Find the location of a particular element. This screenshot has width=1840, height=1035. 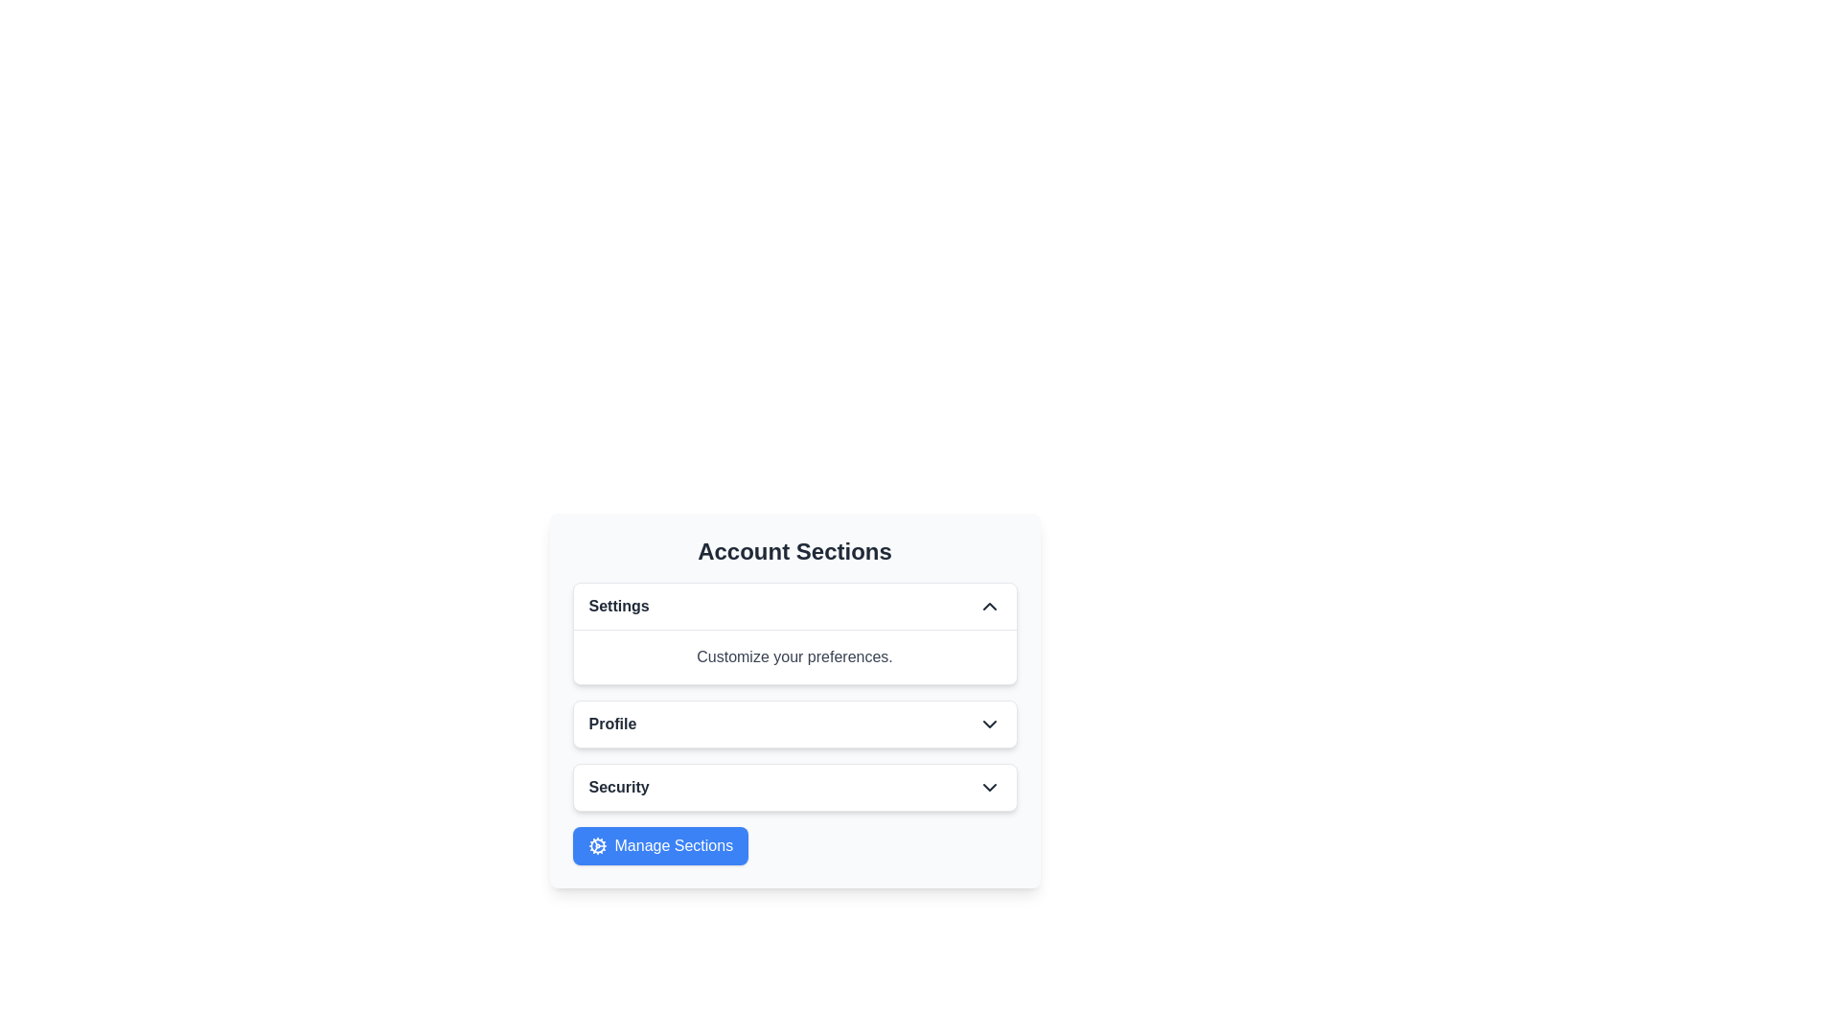

the chevron icon located at the far-right side of the 'Security' section is located at coordinates (989, 787).